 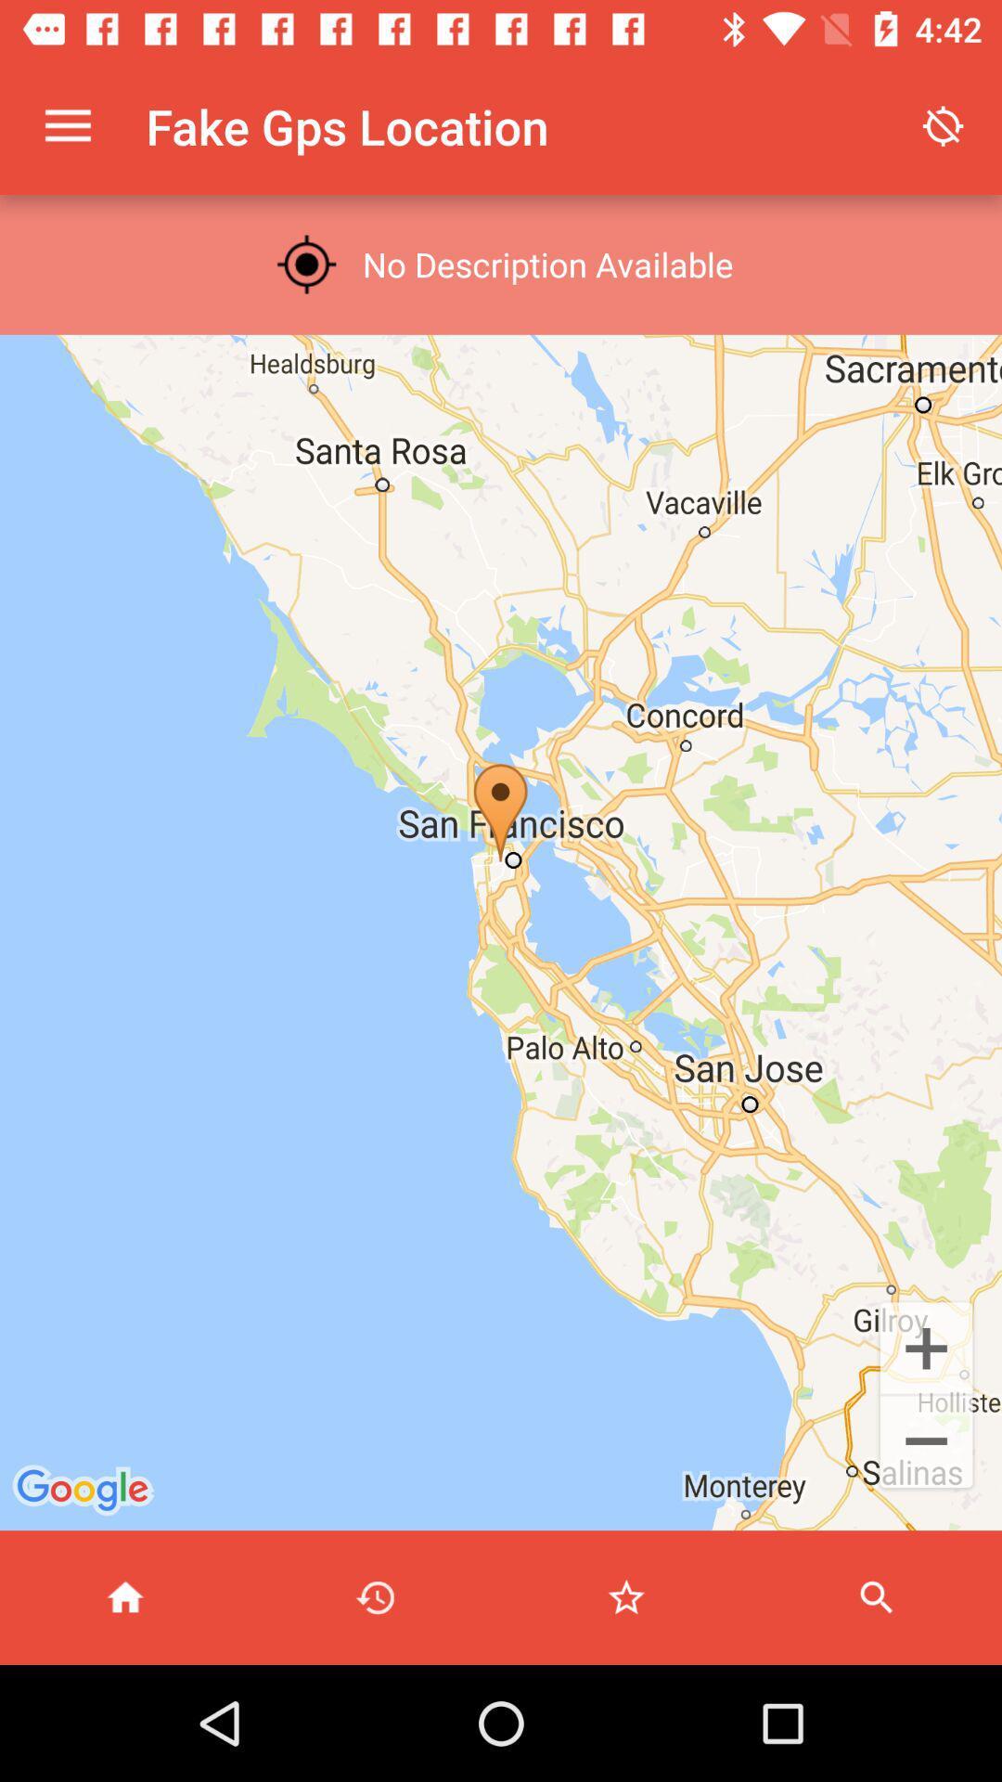 What do you see at coordinates (926, 1347) in the screenshot?
I see `the add icon` at bounding box center [926, 1347].